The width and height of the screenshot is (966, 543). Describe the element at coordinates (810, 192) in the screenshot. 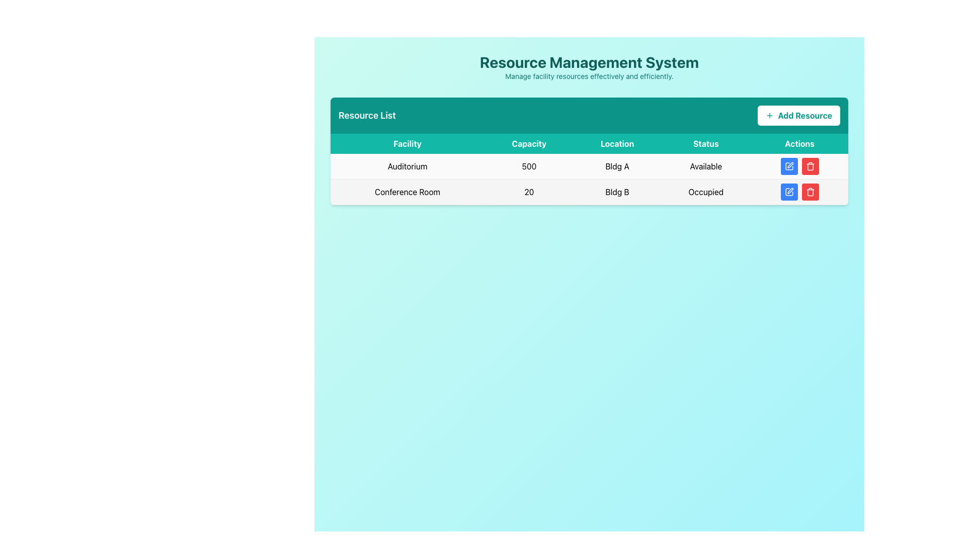

I see `the trash icon located on the rightmost side of the 'Actions' column in the second row of the table` at that location.